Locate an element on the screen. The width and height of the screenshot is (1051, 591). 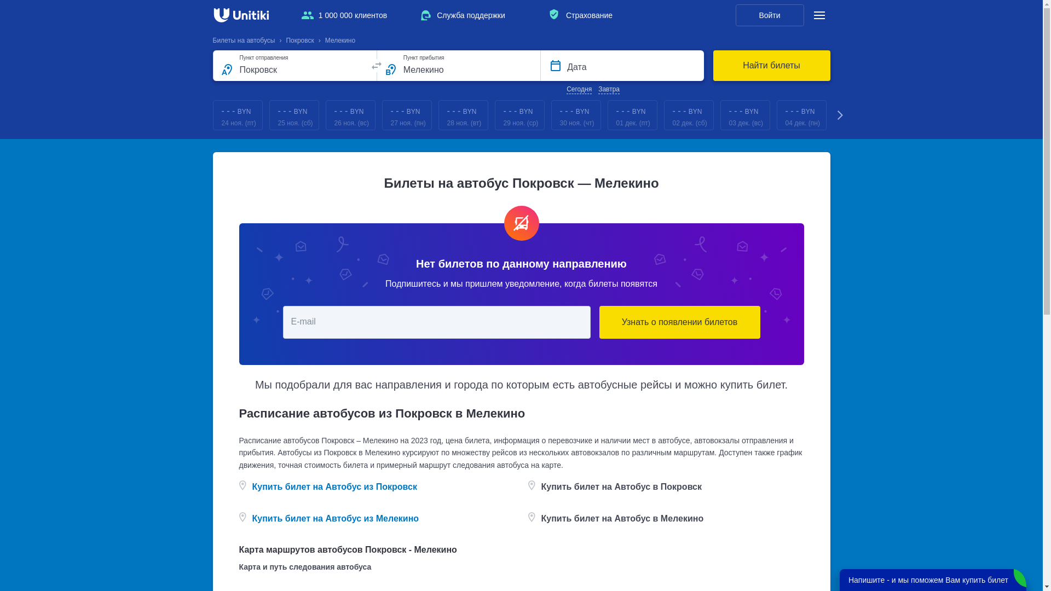
'Next' is located at coordinates (840, 115).